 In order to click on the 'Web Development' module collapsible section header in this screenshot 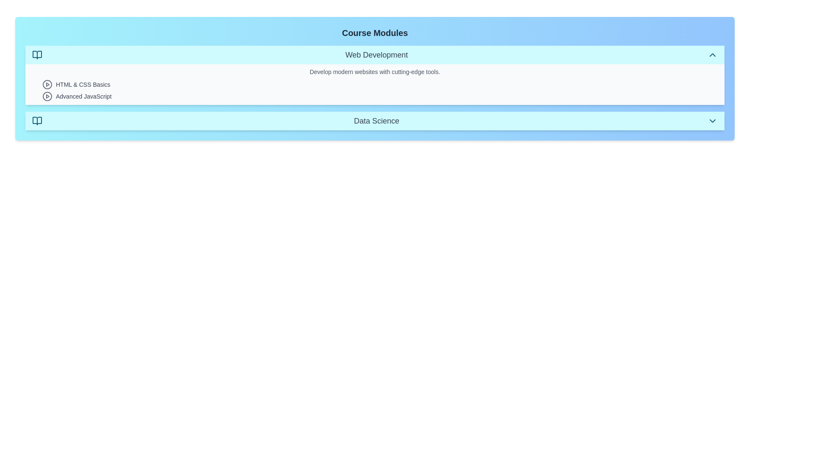, I will do `click(374, 55)`.